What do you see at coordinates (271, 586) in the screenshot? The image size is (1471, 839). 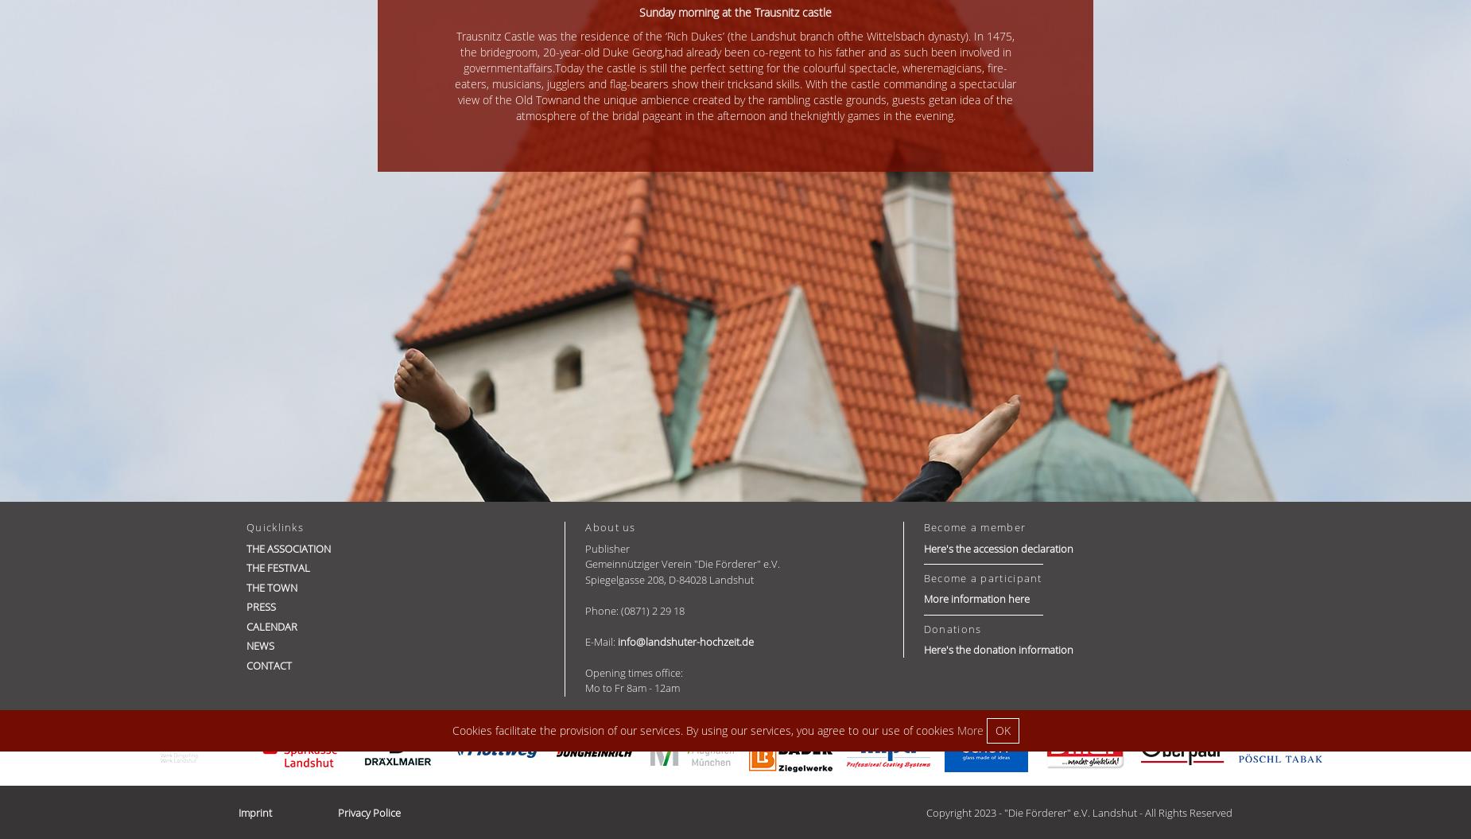 I see `'THE TOWN'` at bounding box center [271, 586].